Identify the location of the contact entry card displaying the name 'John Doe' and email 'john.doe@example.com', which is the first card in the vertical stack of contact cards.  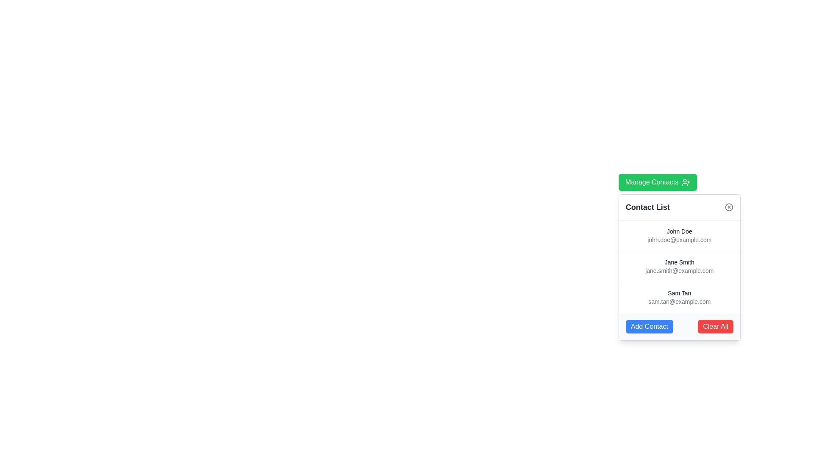
(679, 235).